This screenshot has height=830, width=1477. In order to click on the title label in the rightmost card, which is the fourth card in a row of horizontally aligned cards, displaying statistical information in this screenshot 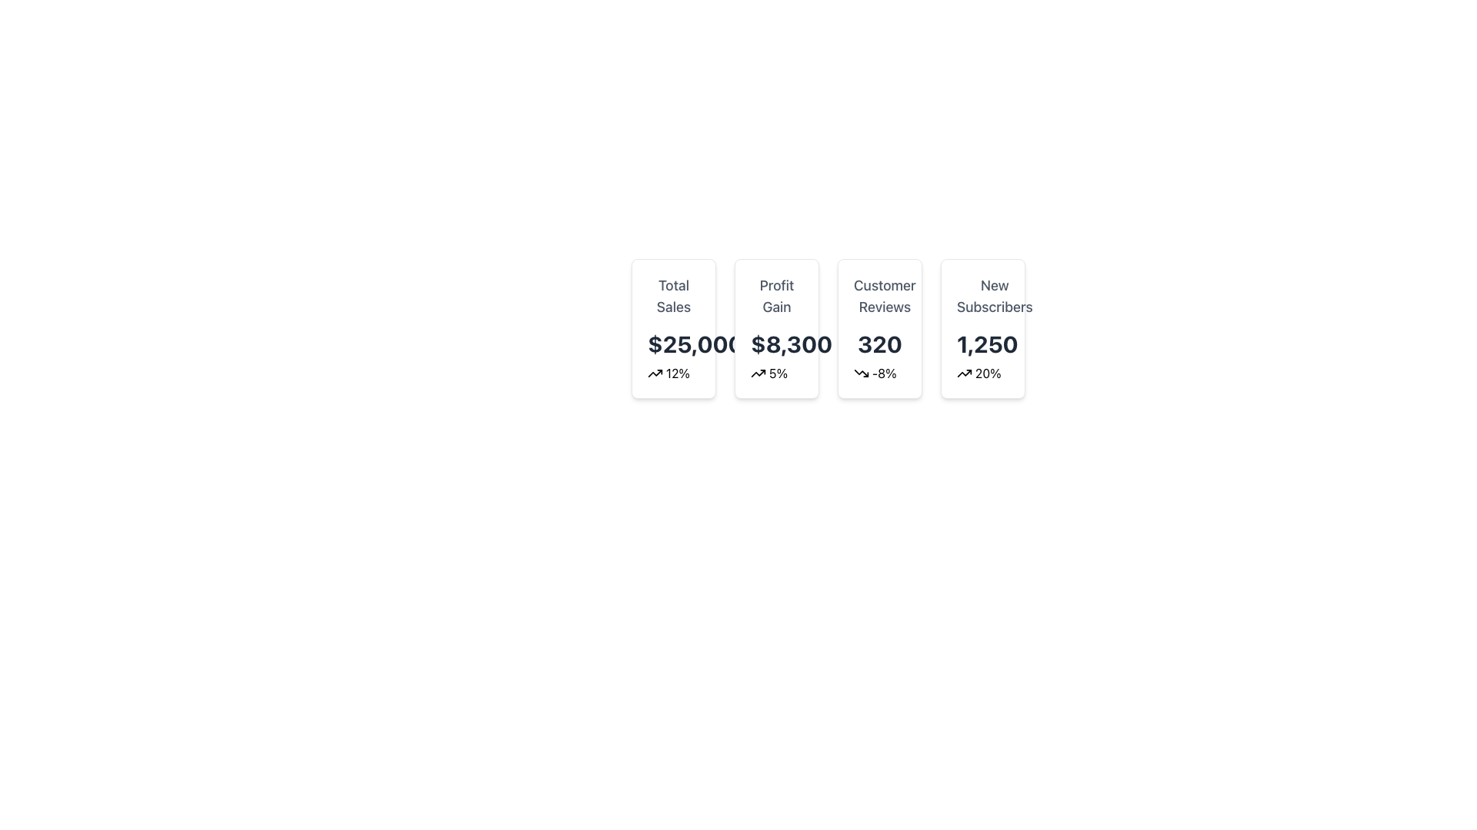, I will do `click(982, 296)`.